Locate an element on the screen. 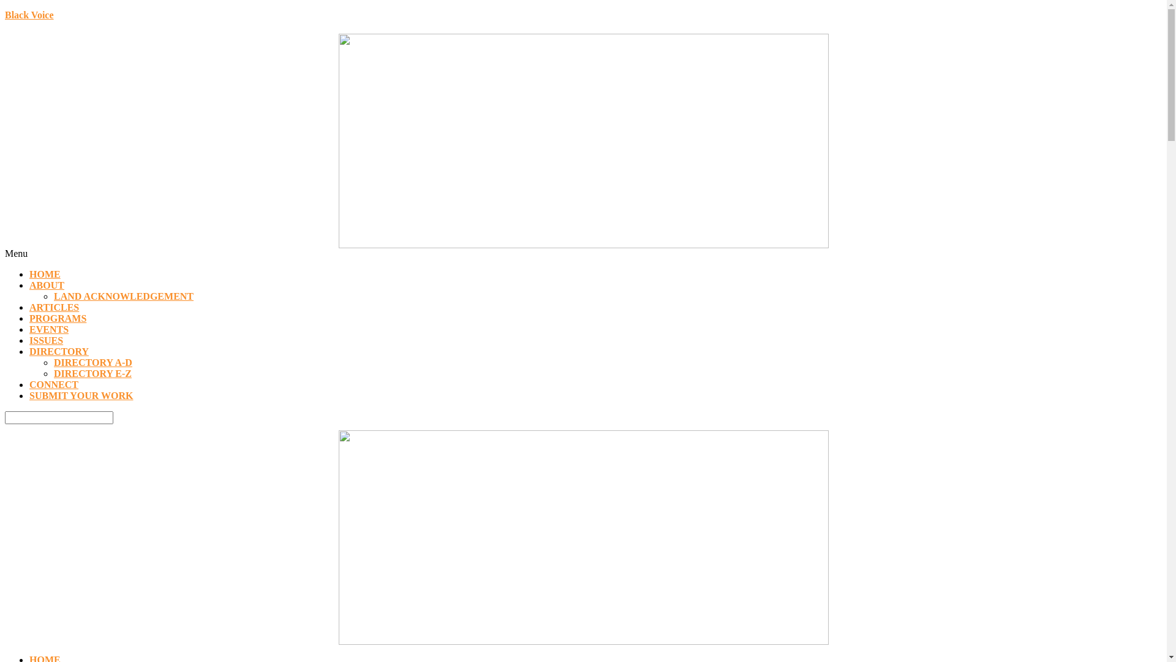 The width and height of the screenshot is (1176, 662). 'LAND ACKNOWLEDGEMENT' is located at coordinates (123, 296).